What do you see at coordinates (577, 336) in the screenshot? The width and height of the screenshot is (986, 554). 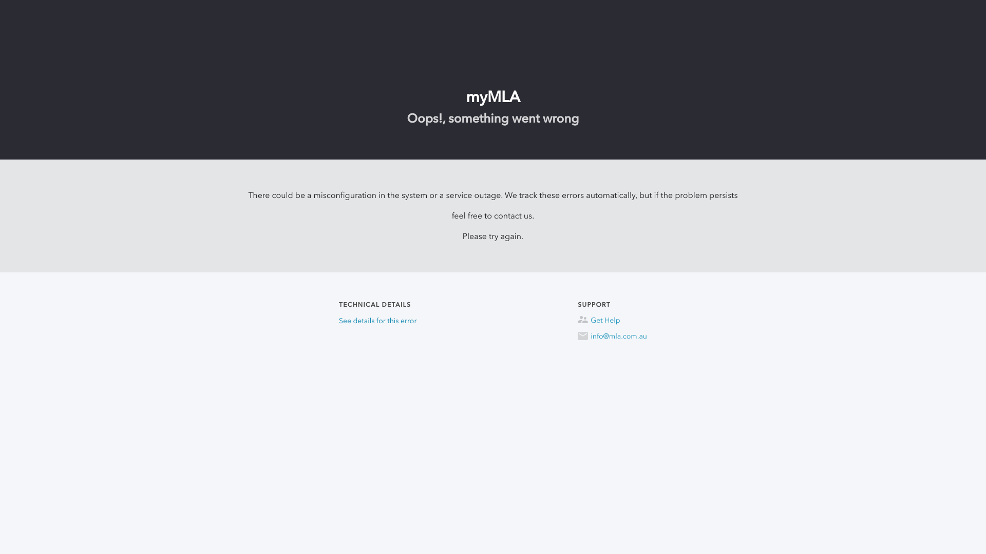 I see `'info@mla.com.au'` at bounding box center [577, 336].